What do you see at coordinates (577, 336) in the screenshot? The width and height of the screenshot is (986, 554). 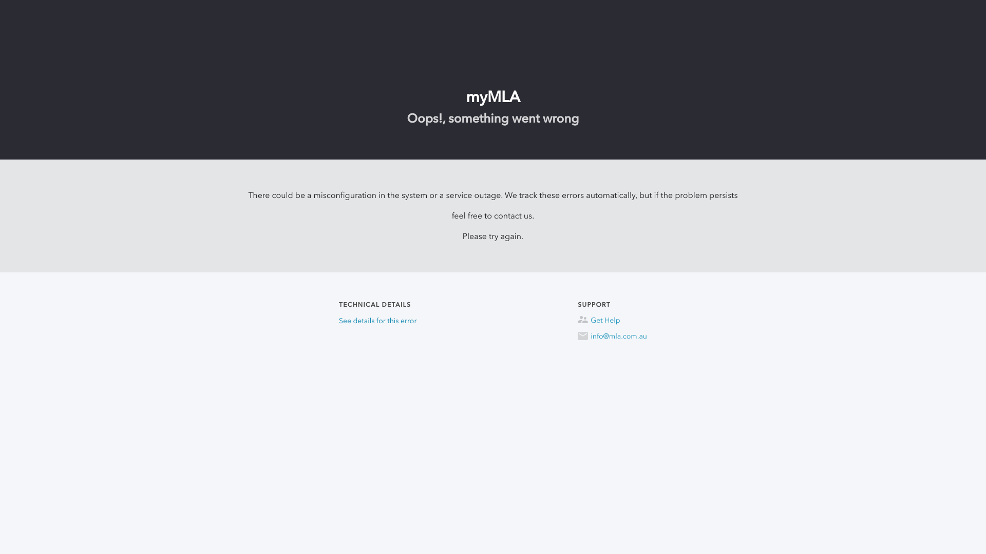 I see `'info@mla.com.au'` at bounding box center [577, 336].